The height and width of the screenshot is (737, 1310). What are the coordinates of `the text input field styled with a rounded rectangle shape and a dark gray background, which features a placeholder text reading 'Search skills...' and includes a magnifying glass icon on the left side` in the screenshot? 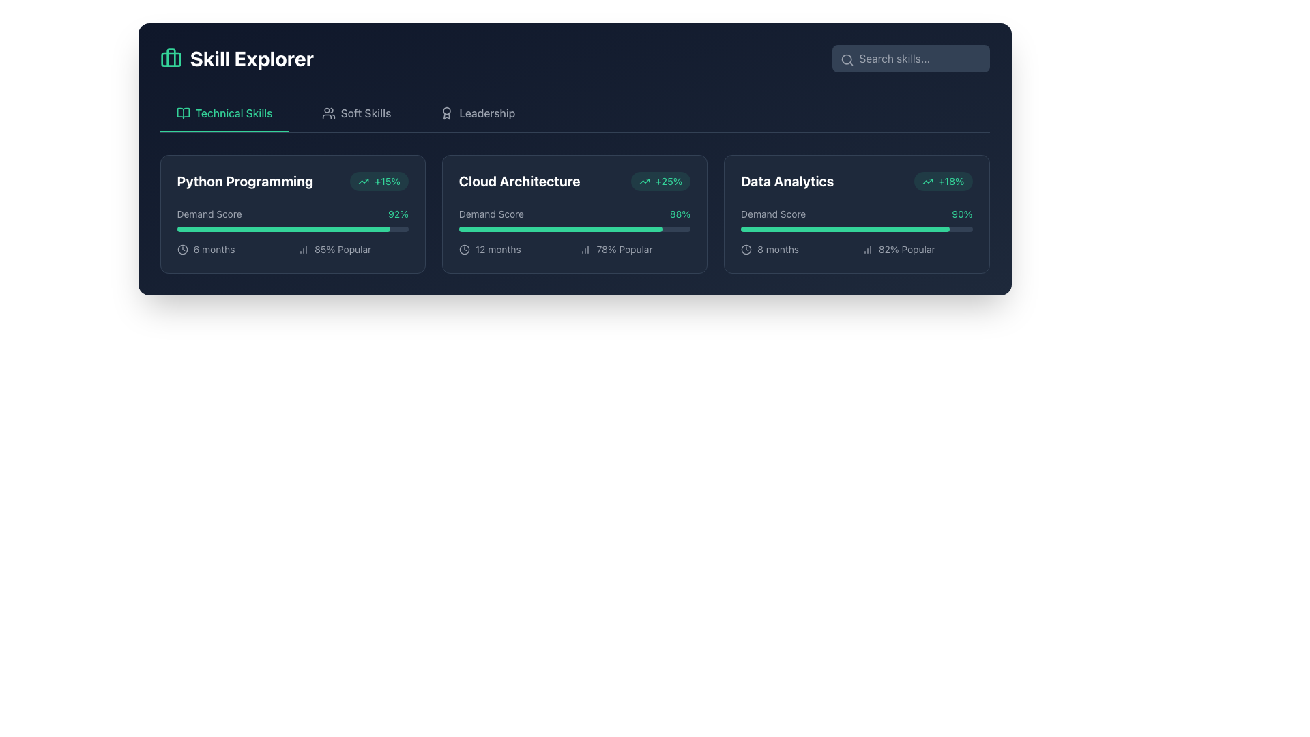 It's located at (910, 57).